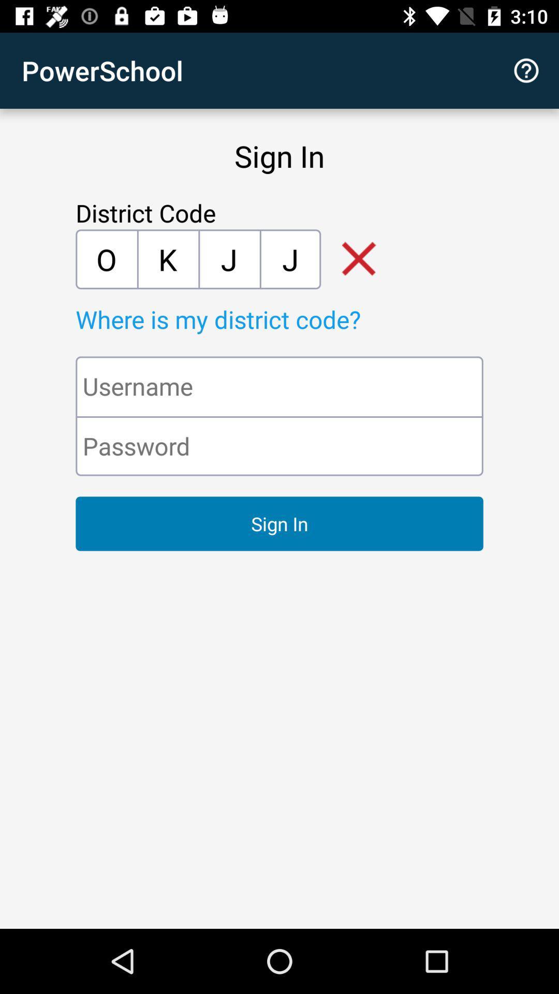 This screenshot has height=994, width=559. What do you see at coordinates (351, 259) in the screenshot?
I see `cross icon` at bounding box center [351, 259].